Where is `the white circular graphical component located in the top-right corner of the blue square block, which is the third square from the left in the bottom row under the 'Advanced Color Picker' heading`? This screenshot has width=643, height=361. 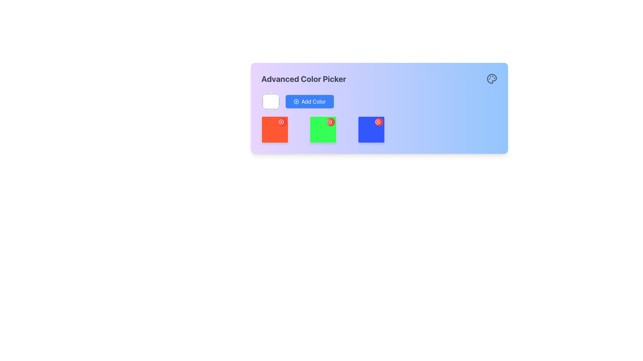
the white circular graphical component located in the top-right corner of the blue square block, which is the third square from the left in the bottom row under the 'Advanced Color Picker' heading is located at coordinates (377, 122).